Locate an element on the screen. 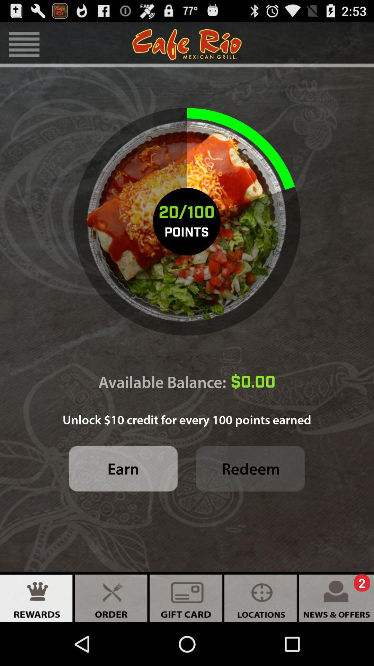 This screenshot has width=374, height=666. redeem is located at coordinates (250, 469).